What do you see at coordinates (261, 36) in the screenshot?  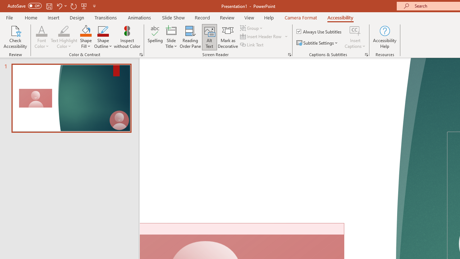 I see `'Insert Header Row'` at bounding box center [261, 36].